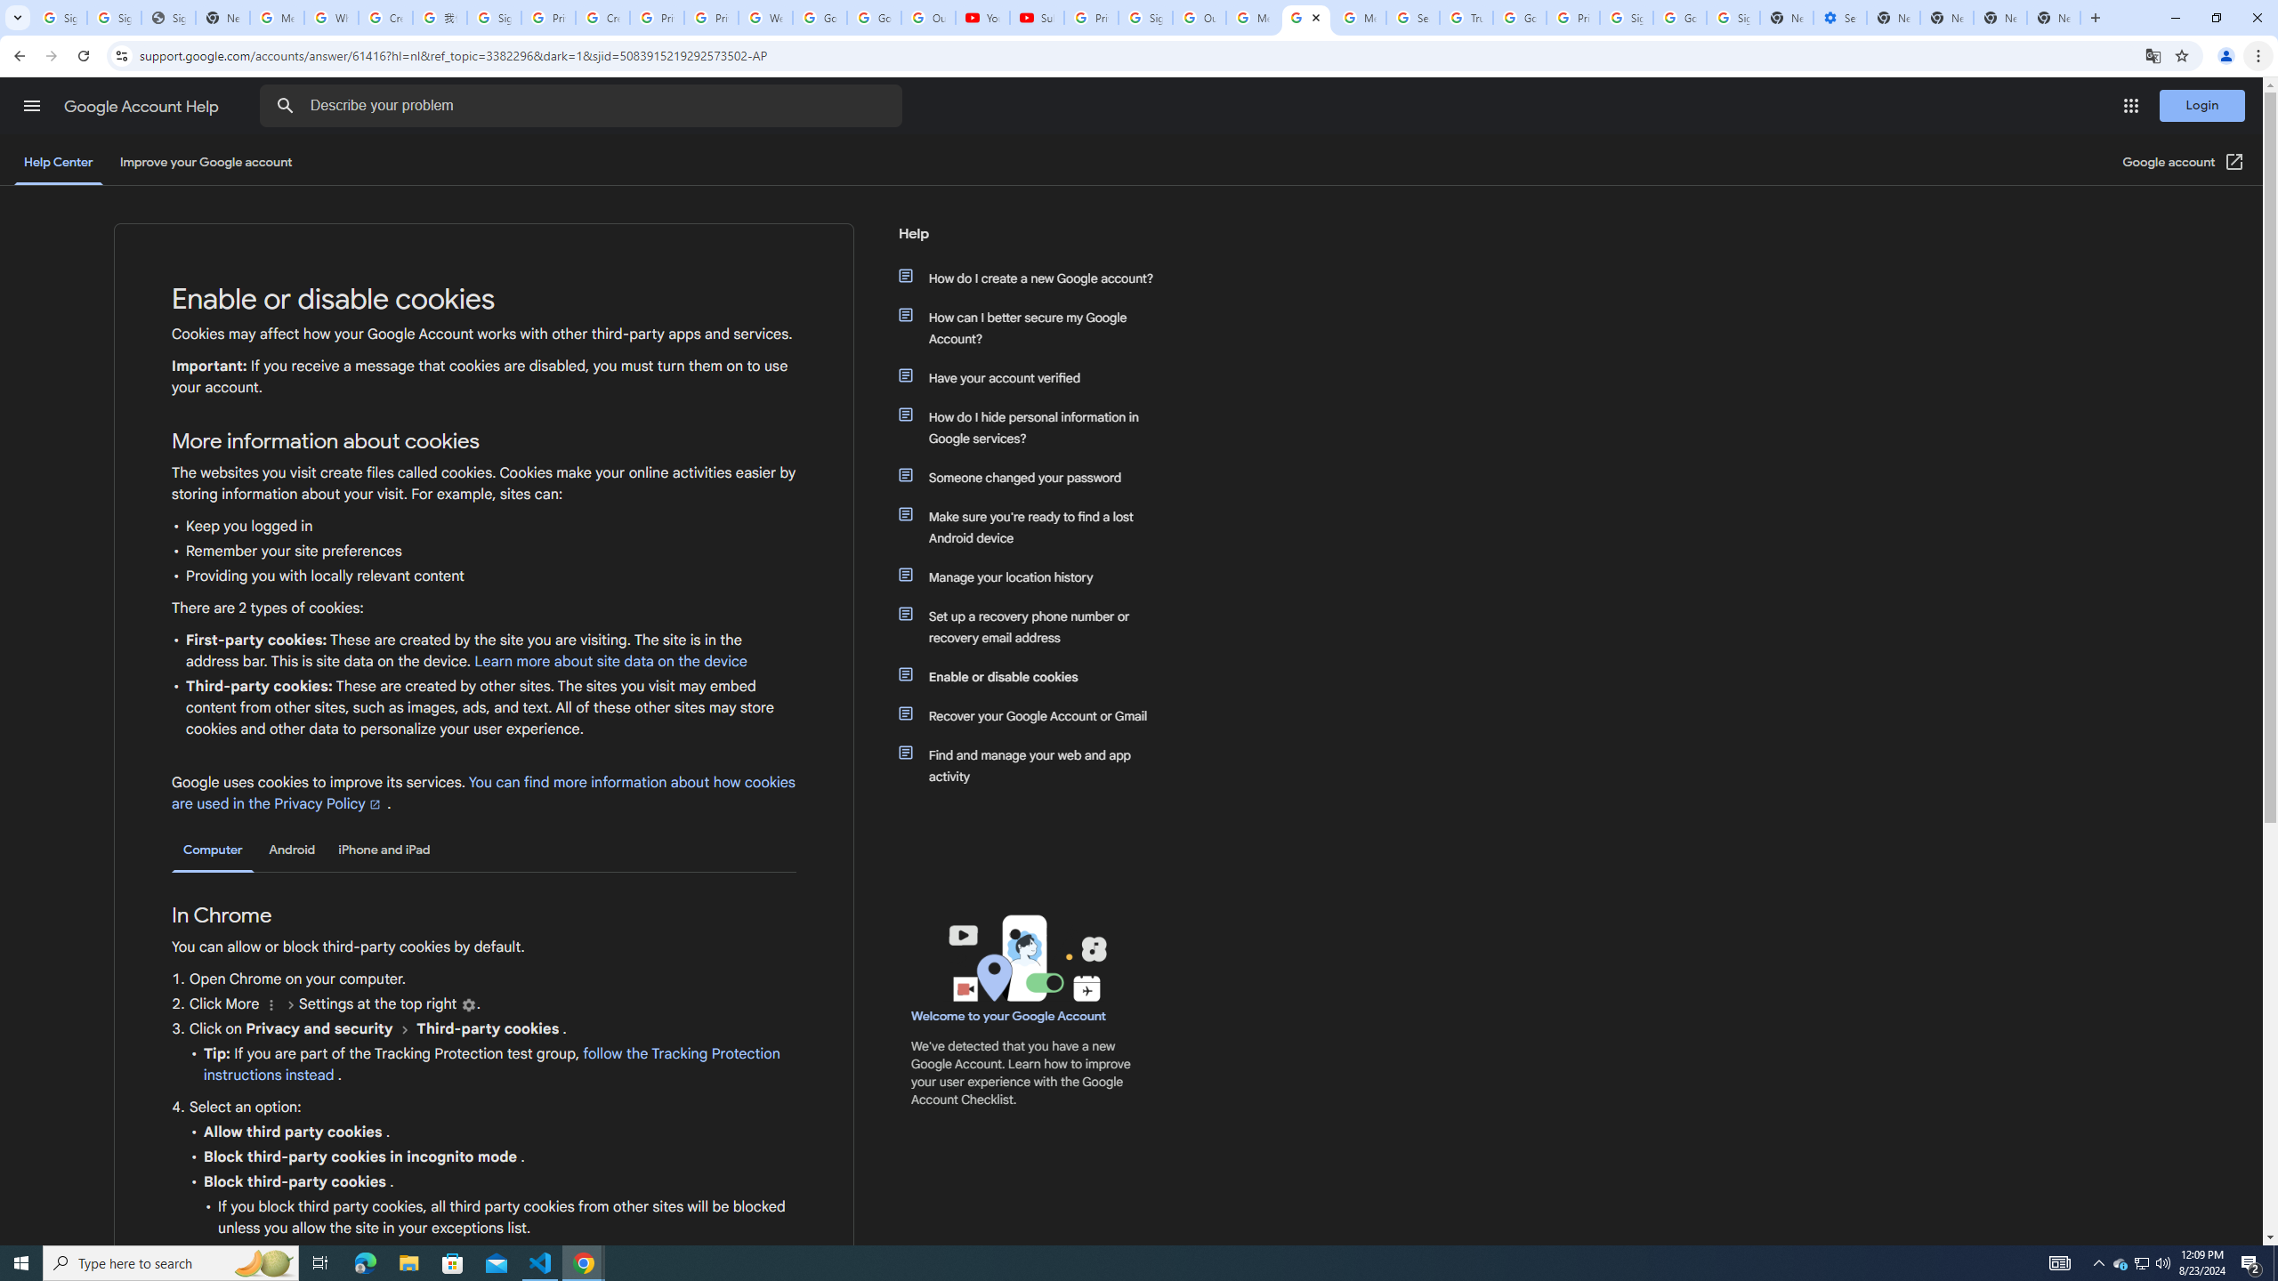 This screenshot has height=1281, width=2278. Describe the element at coordinates (291, 849) in the screenshot. I see `'Android'` at that location.